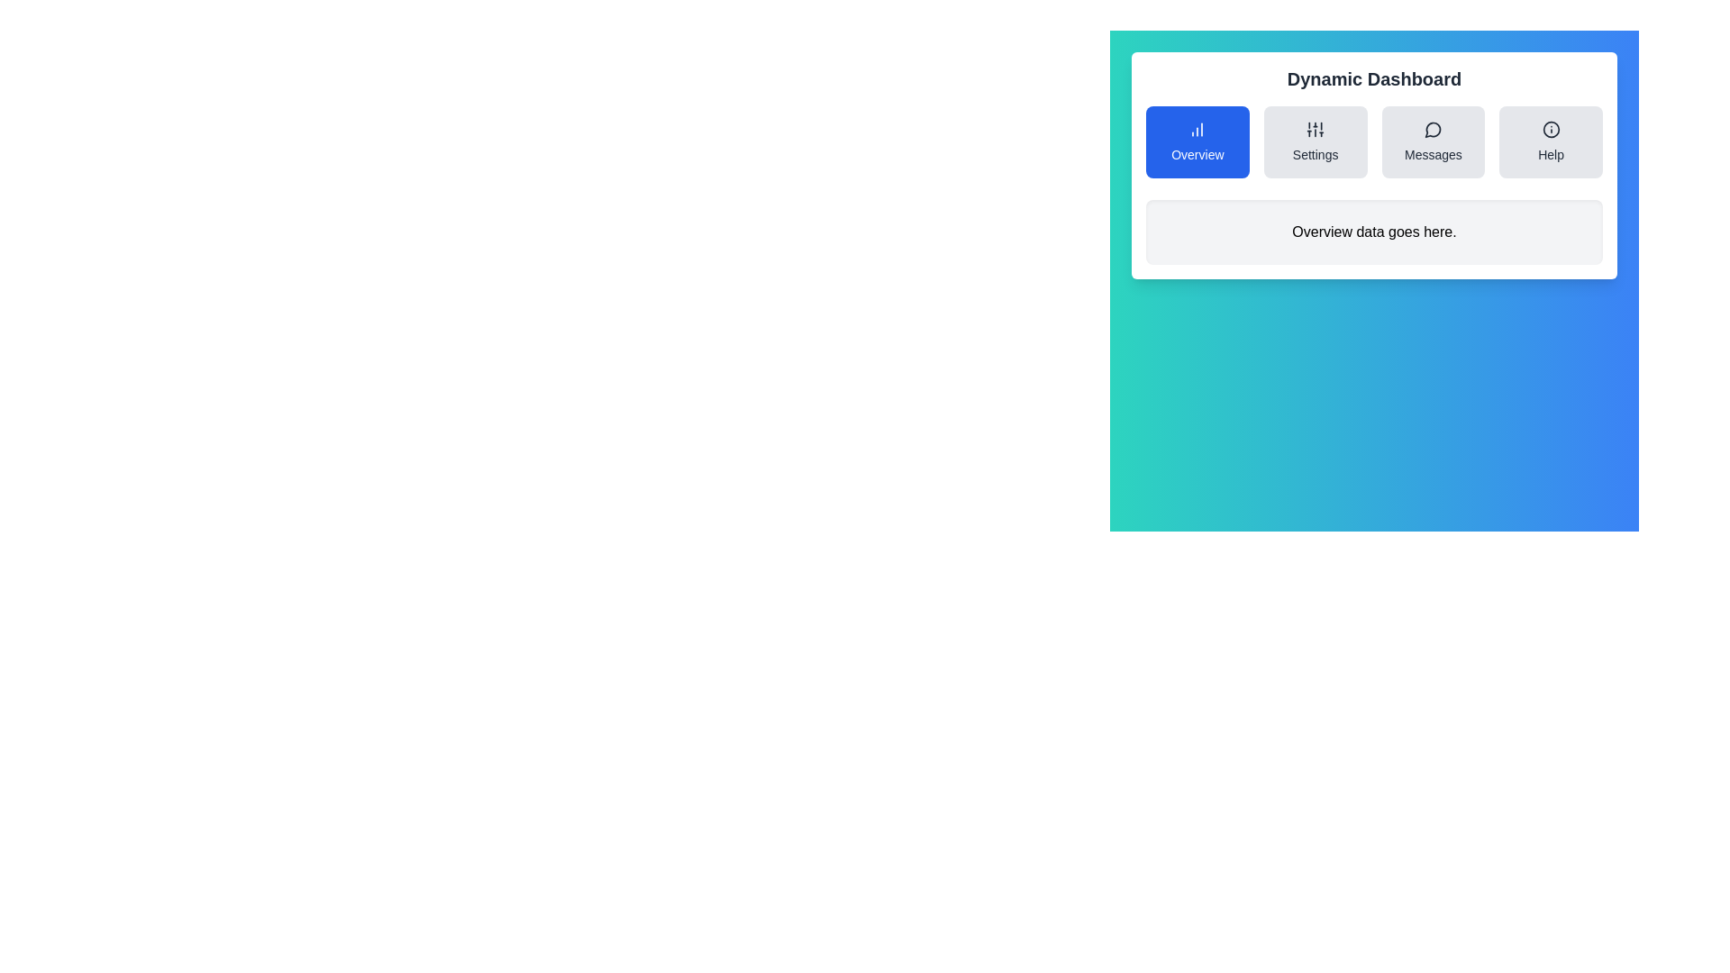 The image size is (1730, 973). What do you see at coordinates (1432, 141) in the screenshot?
I see `the 'Messages' button, which is a rectangular card with a light gray background, a speech bubble icon, and dark gray text` at bounding box center [1432, 141].